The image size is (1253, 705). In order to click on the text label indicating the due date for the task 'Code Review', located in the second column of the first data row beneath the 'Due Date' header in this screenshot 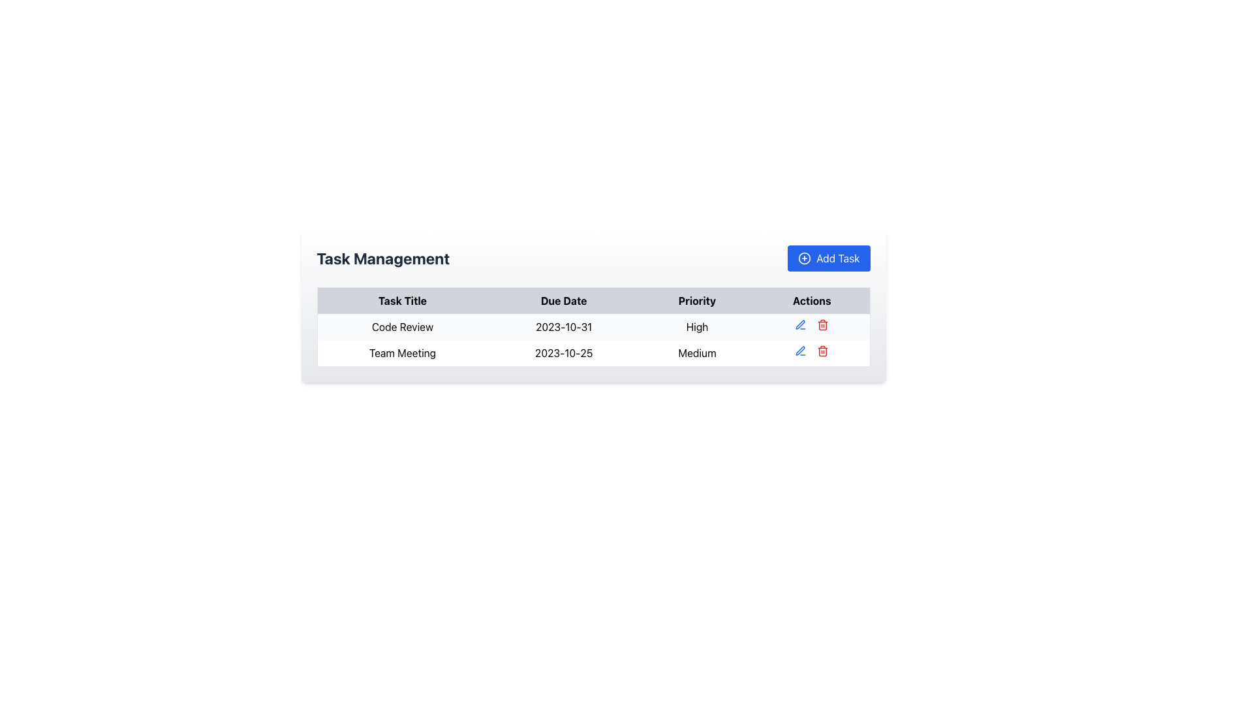, I will do `click(564, 326)`.